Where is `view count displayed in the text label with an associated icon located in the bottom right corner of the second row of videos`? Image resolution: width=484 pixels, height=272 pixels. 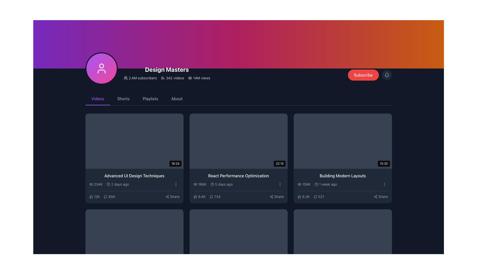 view count displayed in the text label with an associated icon located in the bottom right corner of the second row of videos is located at coordinates (304, 184).